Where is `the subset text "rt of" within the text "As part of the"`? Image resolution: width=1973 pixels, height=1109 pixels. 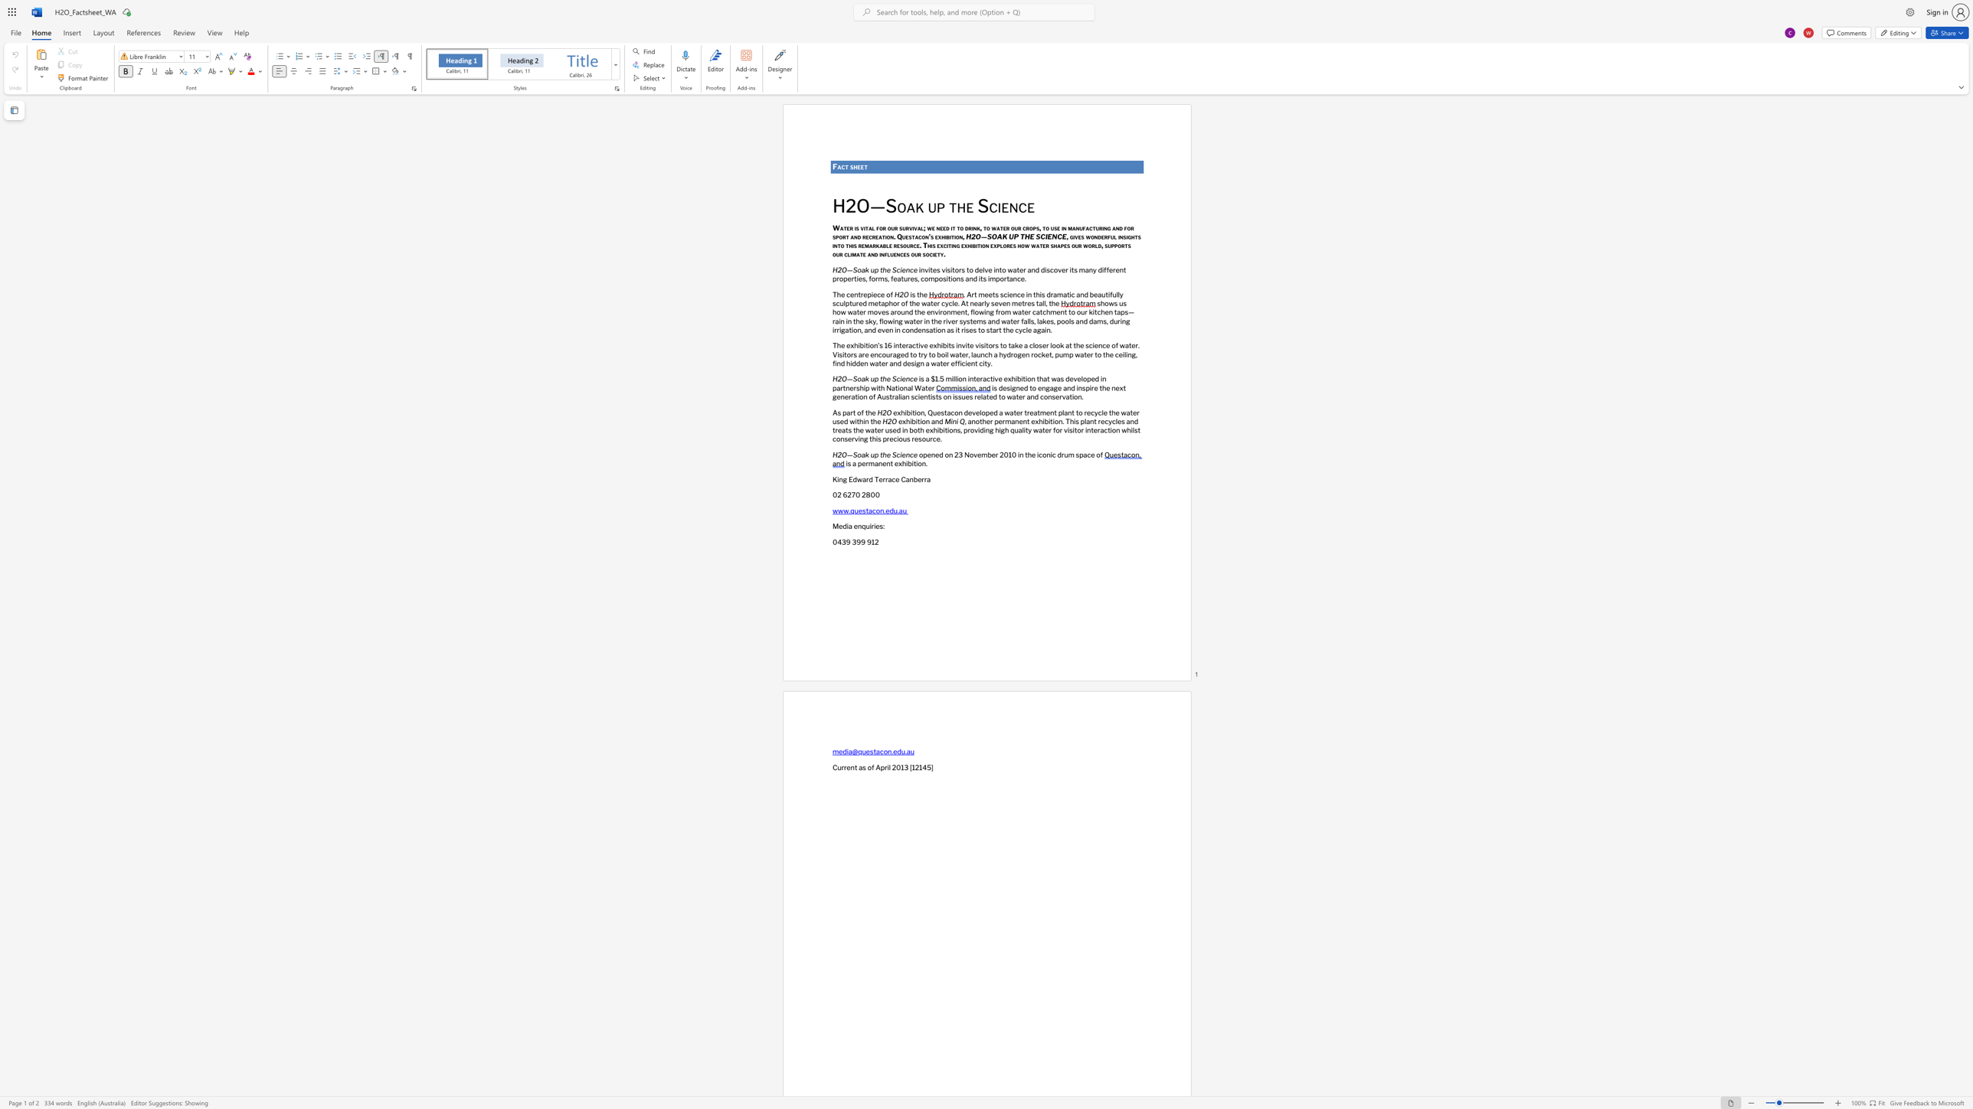
the subset text "rt of" within the text "As part of the" is located at coordinates (850, 412).